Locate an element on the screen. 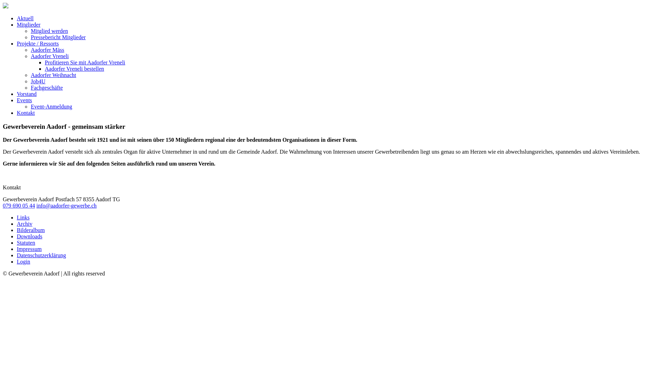 This screenshot has height=378, width=672. 'Projekte / Ressorts' is located at coordinates (37, 43).